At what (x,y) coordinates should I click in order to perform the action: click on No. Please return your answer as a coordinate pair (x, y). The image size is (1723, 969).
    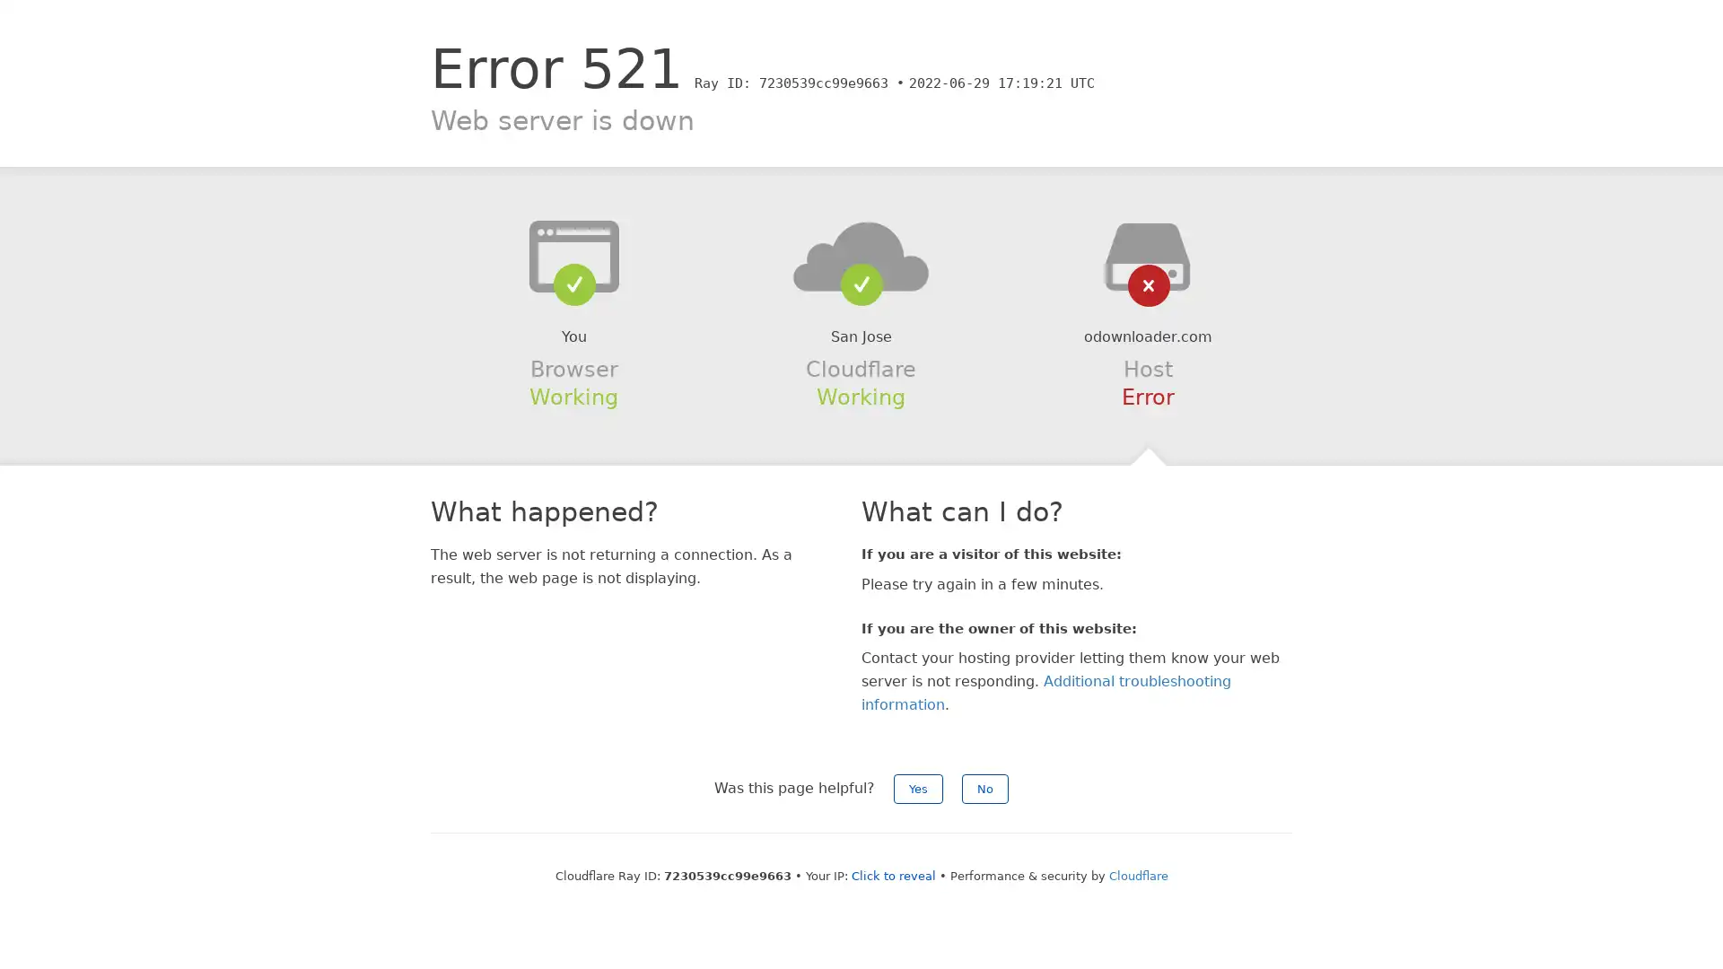
    Looking at the image, I should click on (984, 788).